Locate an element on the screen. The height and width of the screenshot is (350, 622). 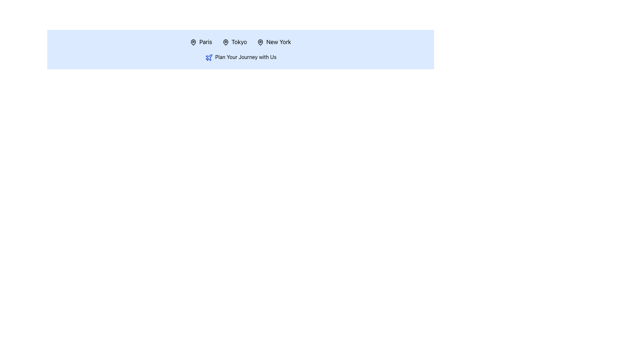
the first location marker icon adjacent to the text 'Paris' in the top right section of the interface is located at coordinates (193, 42).